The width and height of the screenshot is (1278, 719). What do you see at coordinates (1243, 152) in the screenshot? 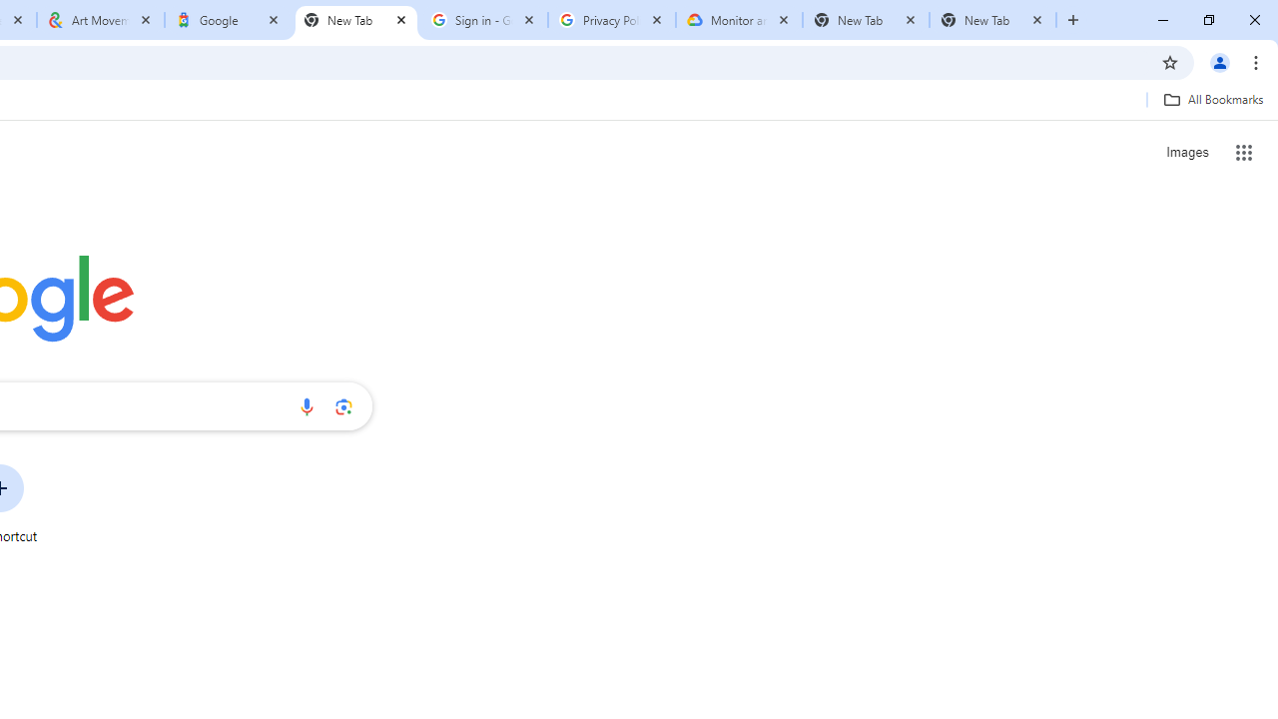
I see `'Google apps'` at bounding box center [1243, 152].